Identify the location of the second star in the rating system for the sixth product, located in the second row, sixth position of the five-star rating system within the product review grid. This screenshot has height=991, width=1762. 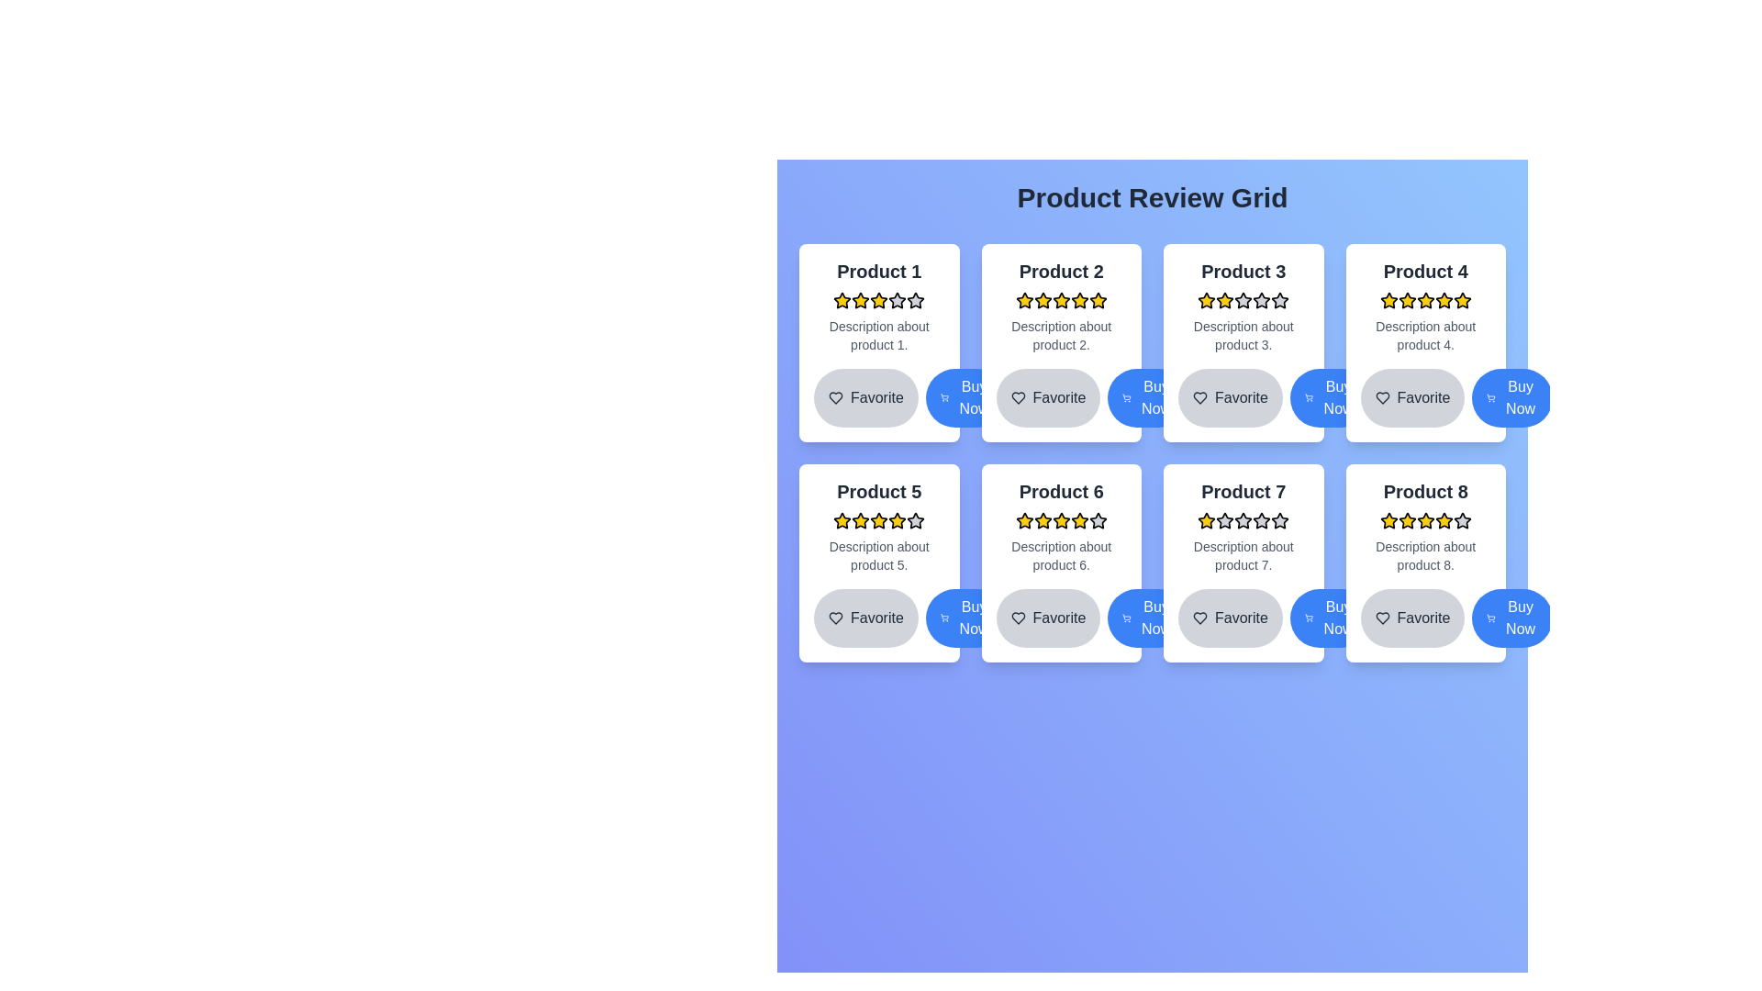
(1043, 520).